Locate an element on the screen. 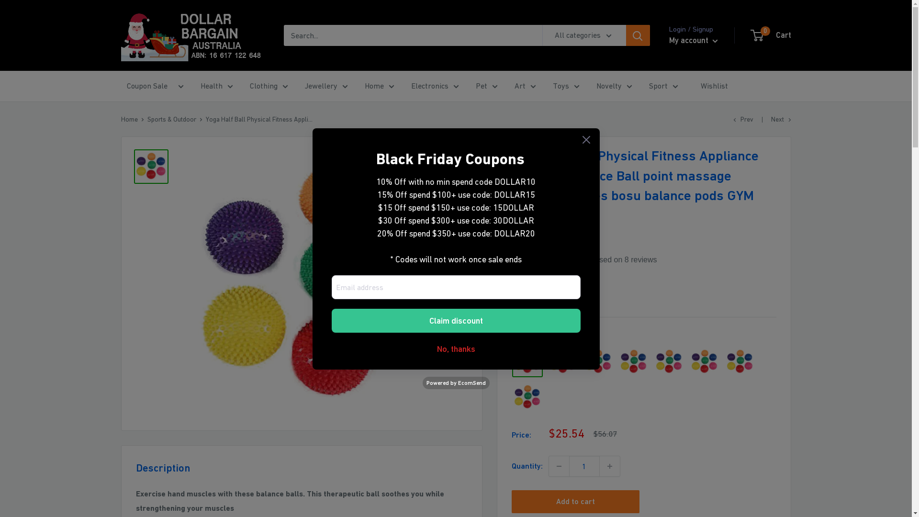 The width and height of the screenshot is (919, 517). 'Electronics' is located at coordinates (434, 86).